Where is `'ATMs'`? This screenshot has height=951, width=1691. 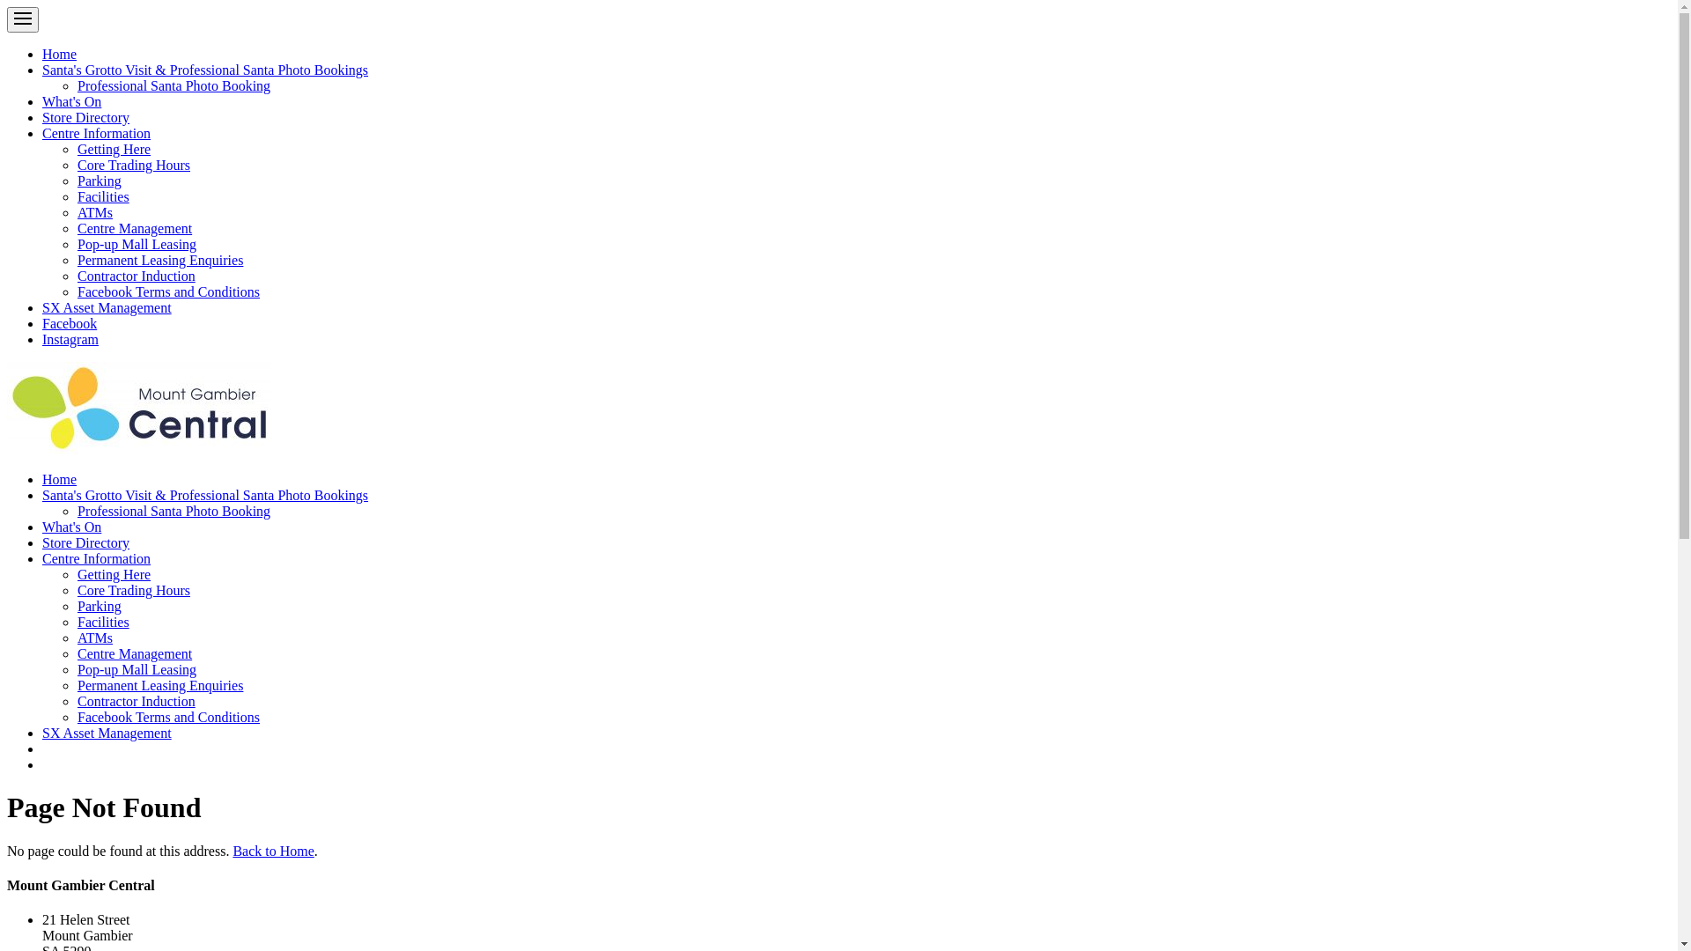 'ATMs' is located at coordinates (76, 638).